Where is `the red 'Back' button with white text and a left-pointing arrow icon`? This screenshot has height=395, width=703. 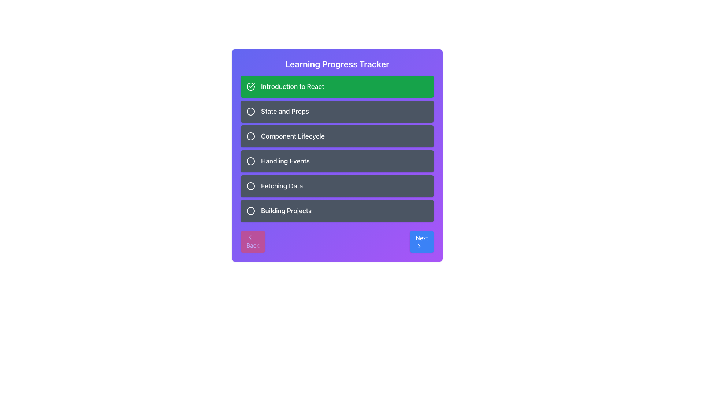
the red 'Back' button with white text and a left-pointing arrow icon is located at coordinates (253, 241).